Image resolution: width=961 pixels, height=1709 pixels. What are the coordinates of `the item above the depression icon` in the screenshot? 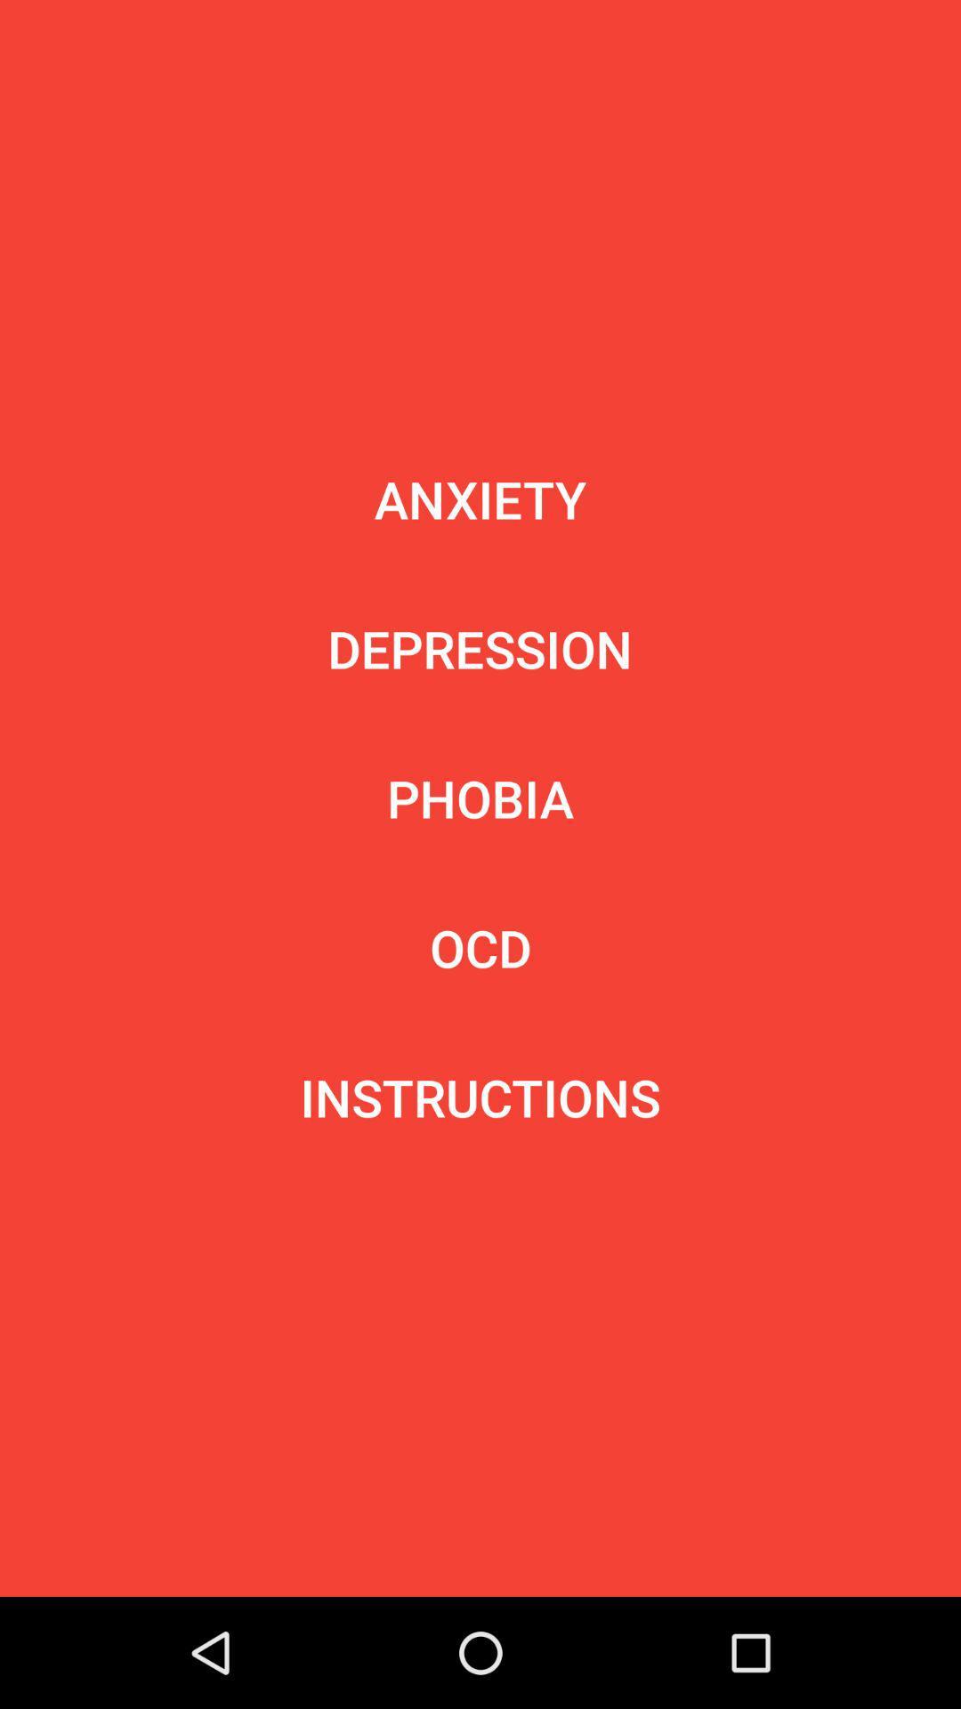 It's located at (480, 498).